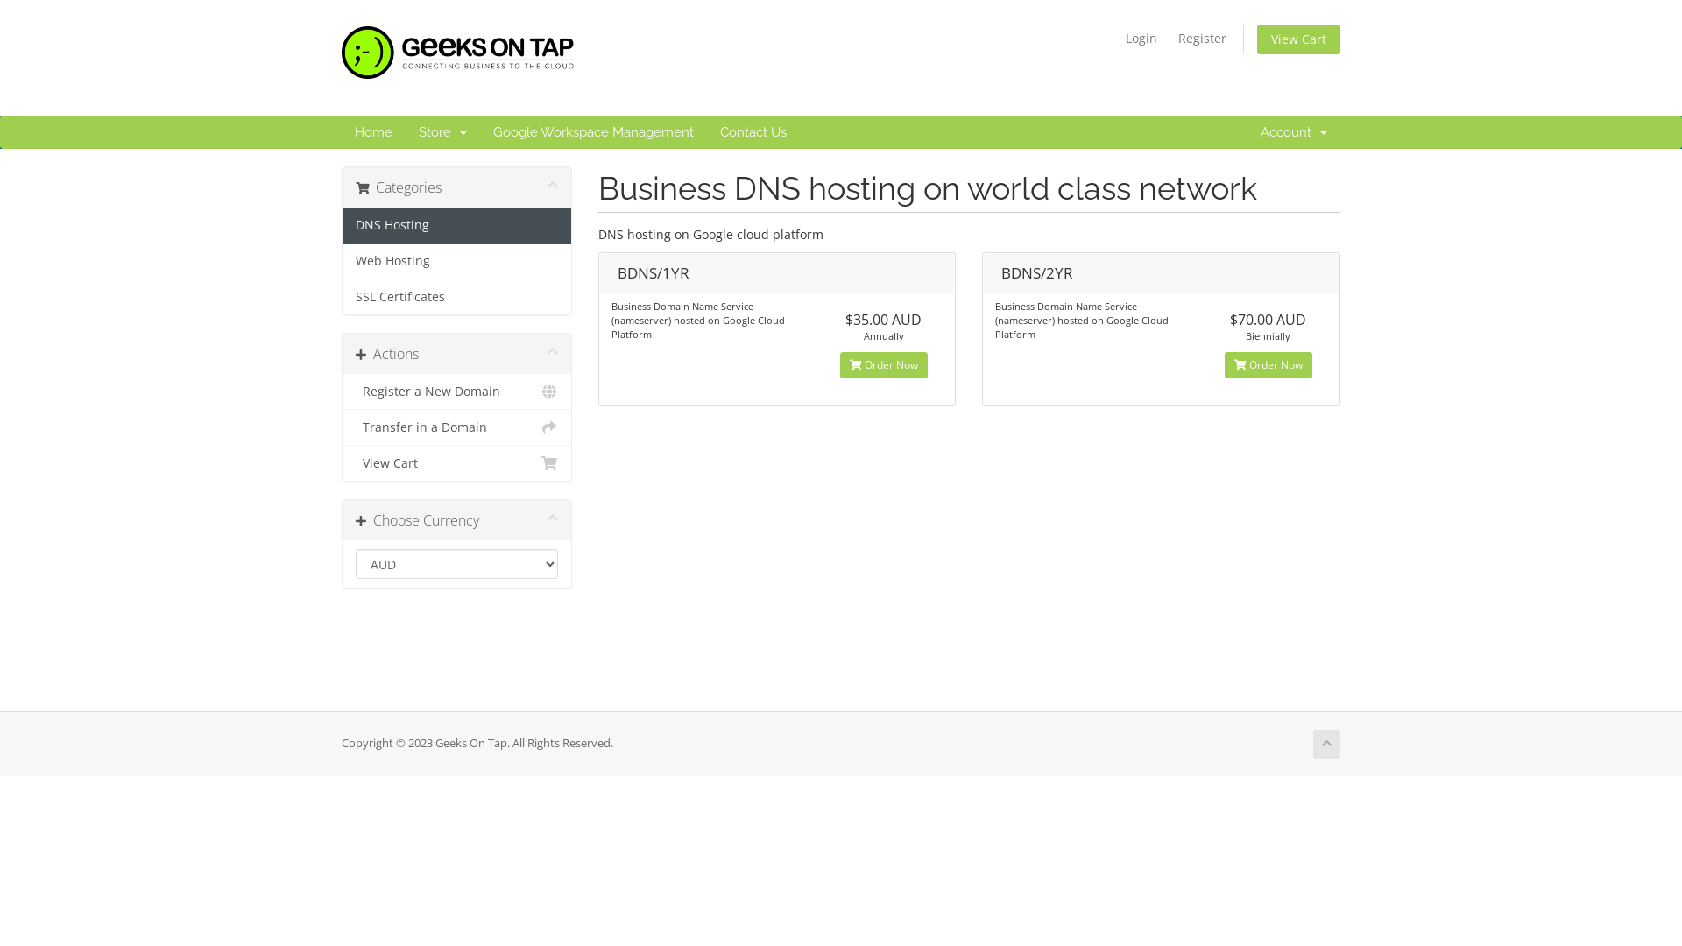  What do you see at coordinates (372, 131) in the screenshot?
I see `'Home'` at bounding box center [372, 131].